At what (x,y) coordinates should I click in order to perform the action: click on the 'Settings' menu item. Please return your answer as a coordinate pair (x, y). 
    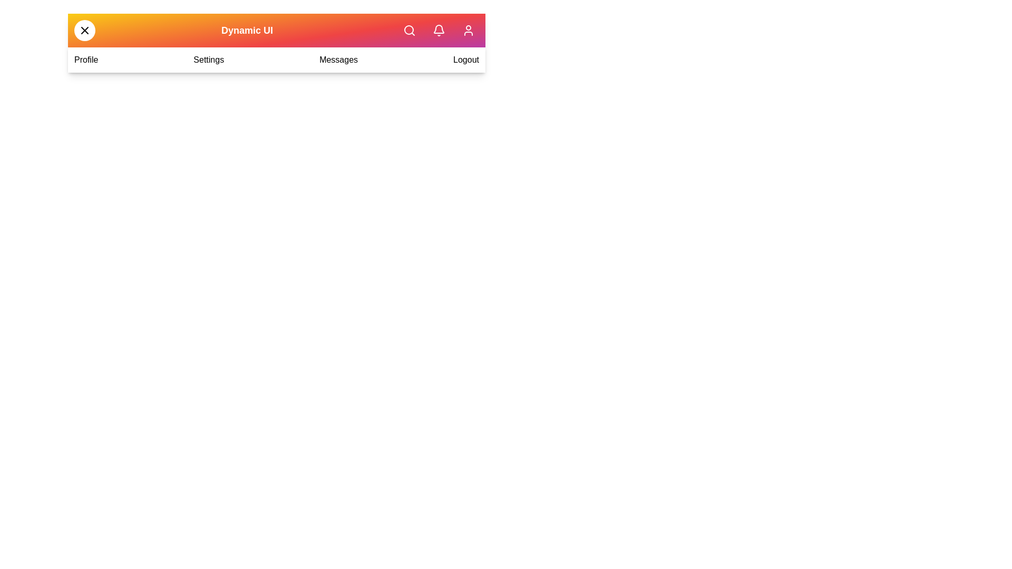
    Looking at the image, I should click on (208, 60).